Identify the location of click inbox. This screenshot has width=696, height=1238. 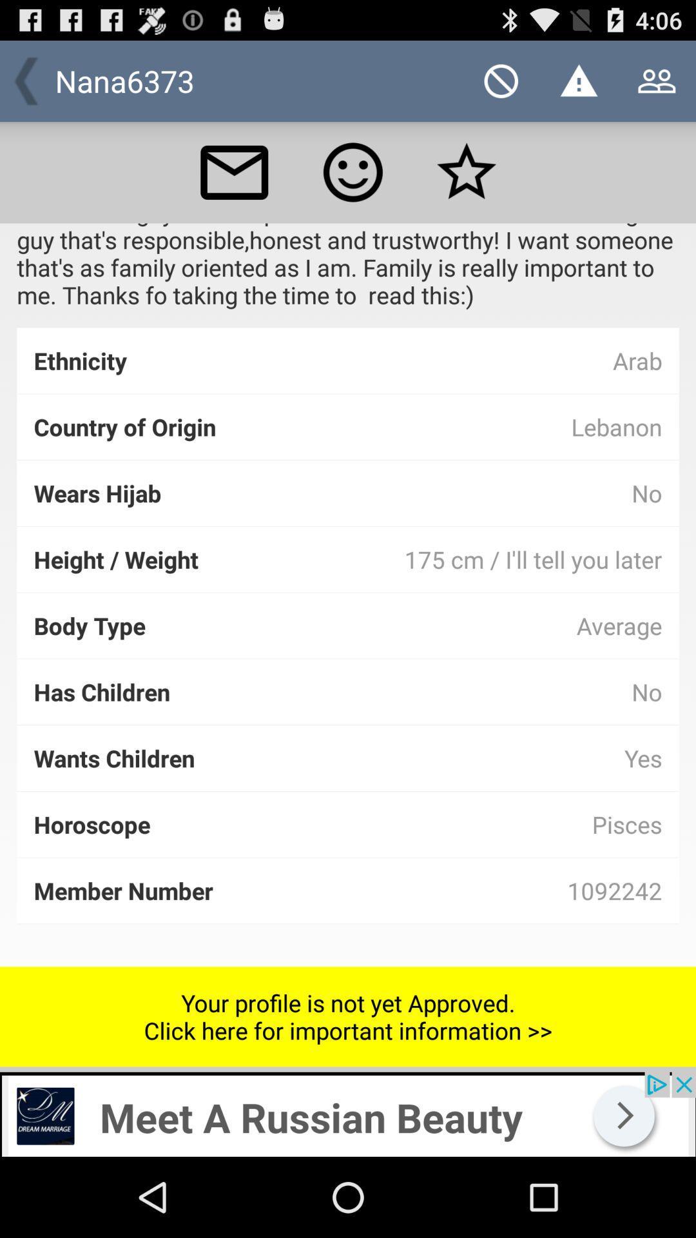
(234, 172).